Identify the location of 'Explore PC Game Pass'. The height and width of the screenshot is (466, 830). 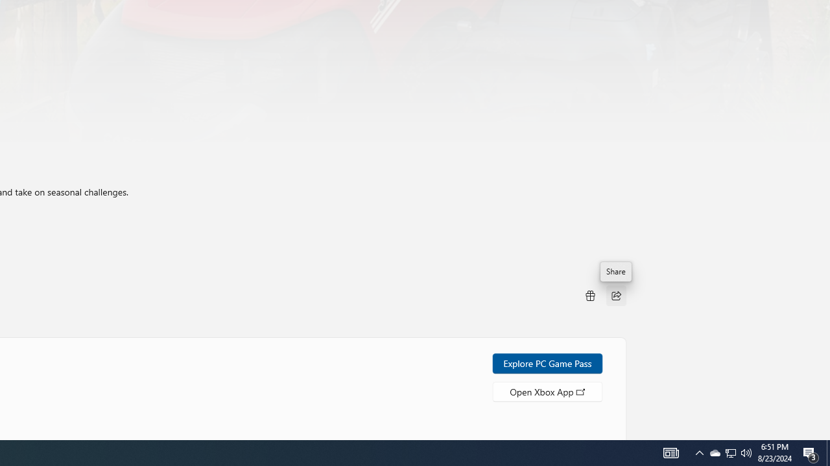
(547, 363).